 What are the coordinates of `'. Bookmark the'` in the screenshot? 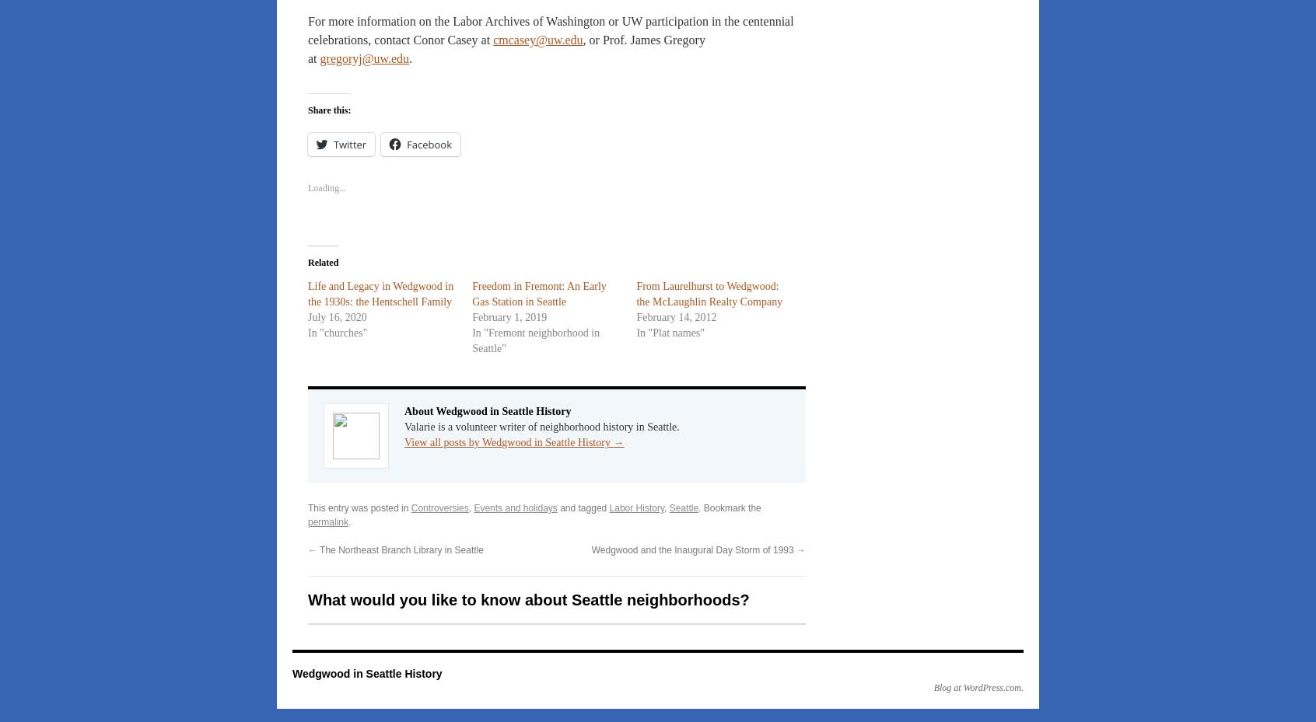 It's located at (730, 508).